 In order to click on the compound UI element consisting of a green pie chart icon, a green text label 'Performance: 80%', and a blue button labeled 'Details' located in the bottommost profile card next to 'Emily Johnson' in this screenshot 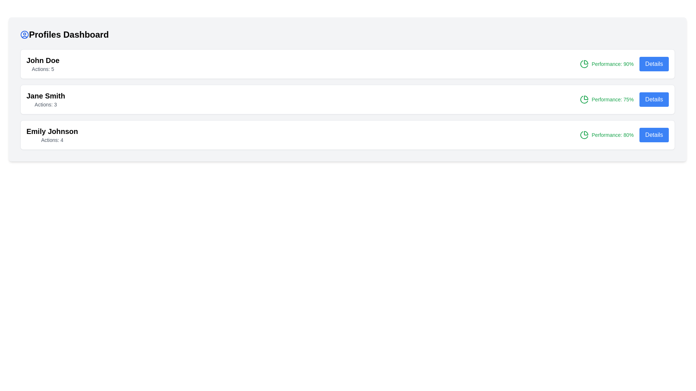, I will do `click(624, 135)`.